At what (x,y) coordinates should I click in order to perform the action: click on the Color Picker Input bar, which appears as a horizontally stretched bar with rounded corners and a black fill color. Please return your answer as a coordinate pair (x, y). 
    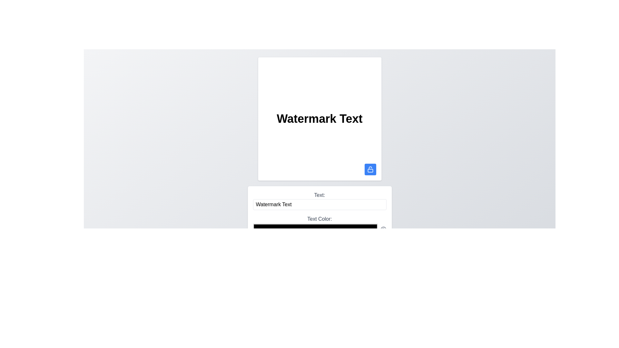
    Looking at the image, I should click on (315, 229).